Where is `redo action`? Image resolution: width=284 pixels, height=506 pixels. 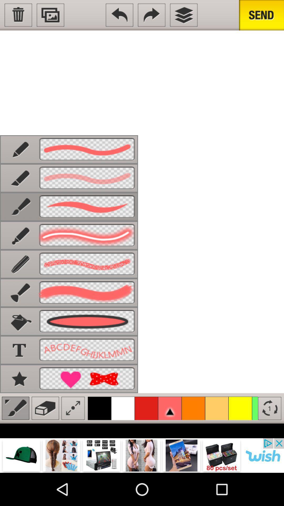
redo action is located at coordinates (151, 15).